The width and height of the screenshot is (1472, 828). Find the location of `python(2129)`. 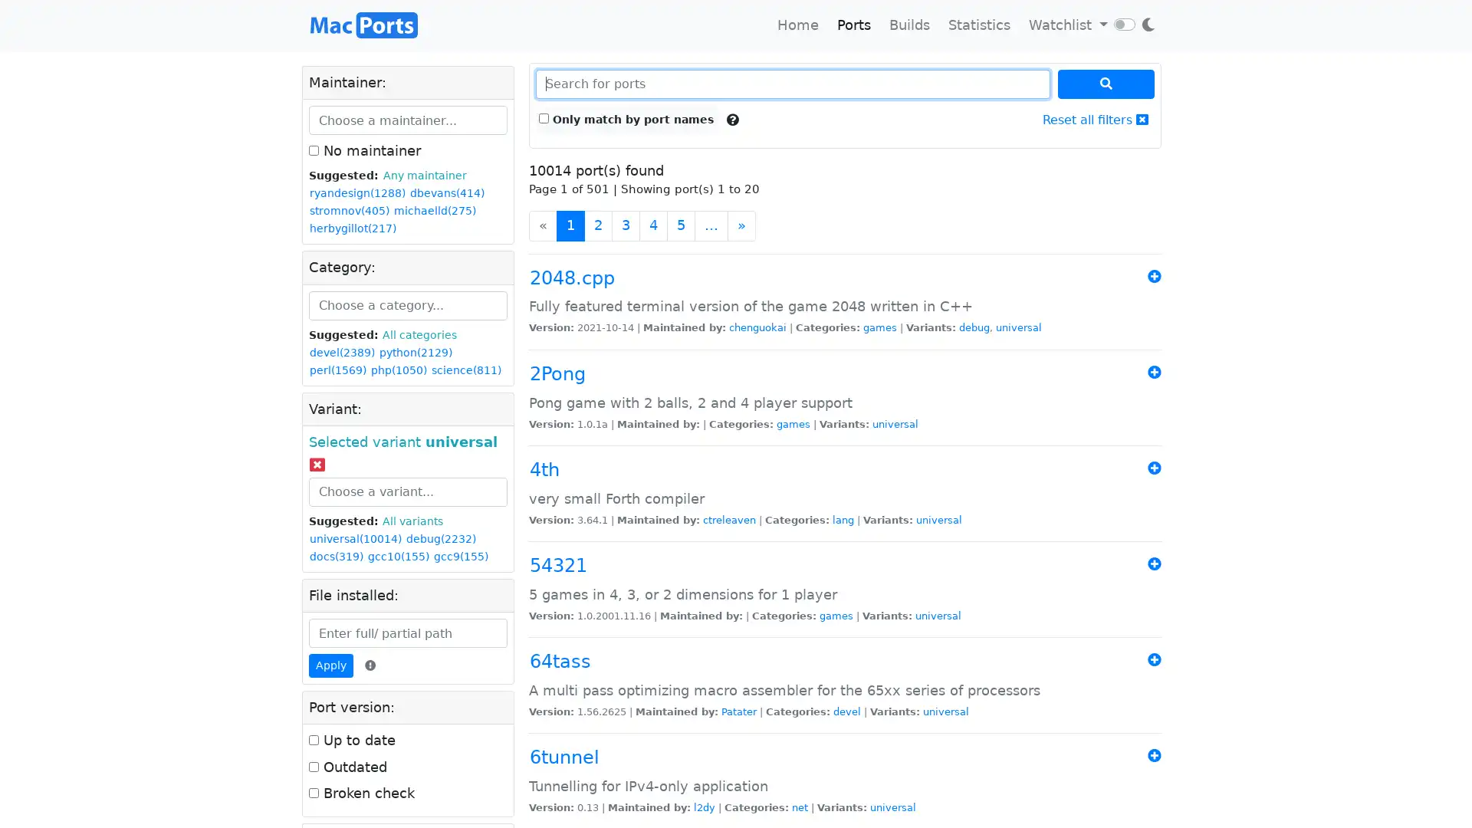

python(2129) is located at coordinates (416, 352).